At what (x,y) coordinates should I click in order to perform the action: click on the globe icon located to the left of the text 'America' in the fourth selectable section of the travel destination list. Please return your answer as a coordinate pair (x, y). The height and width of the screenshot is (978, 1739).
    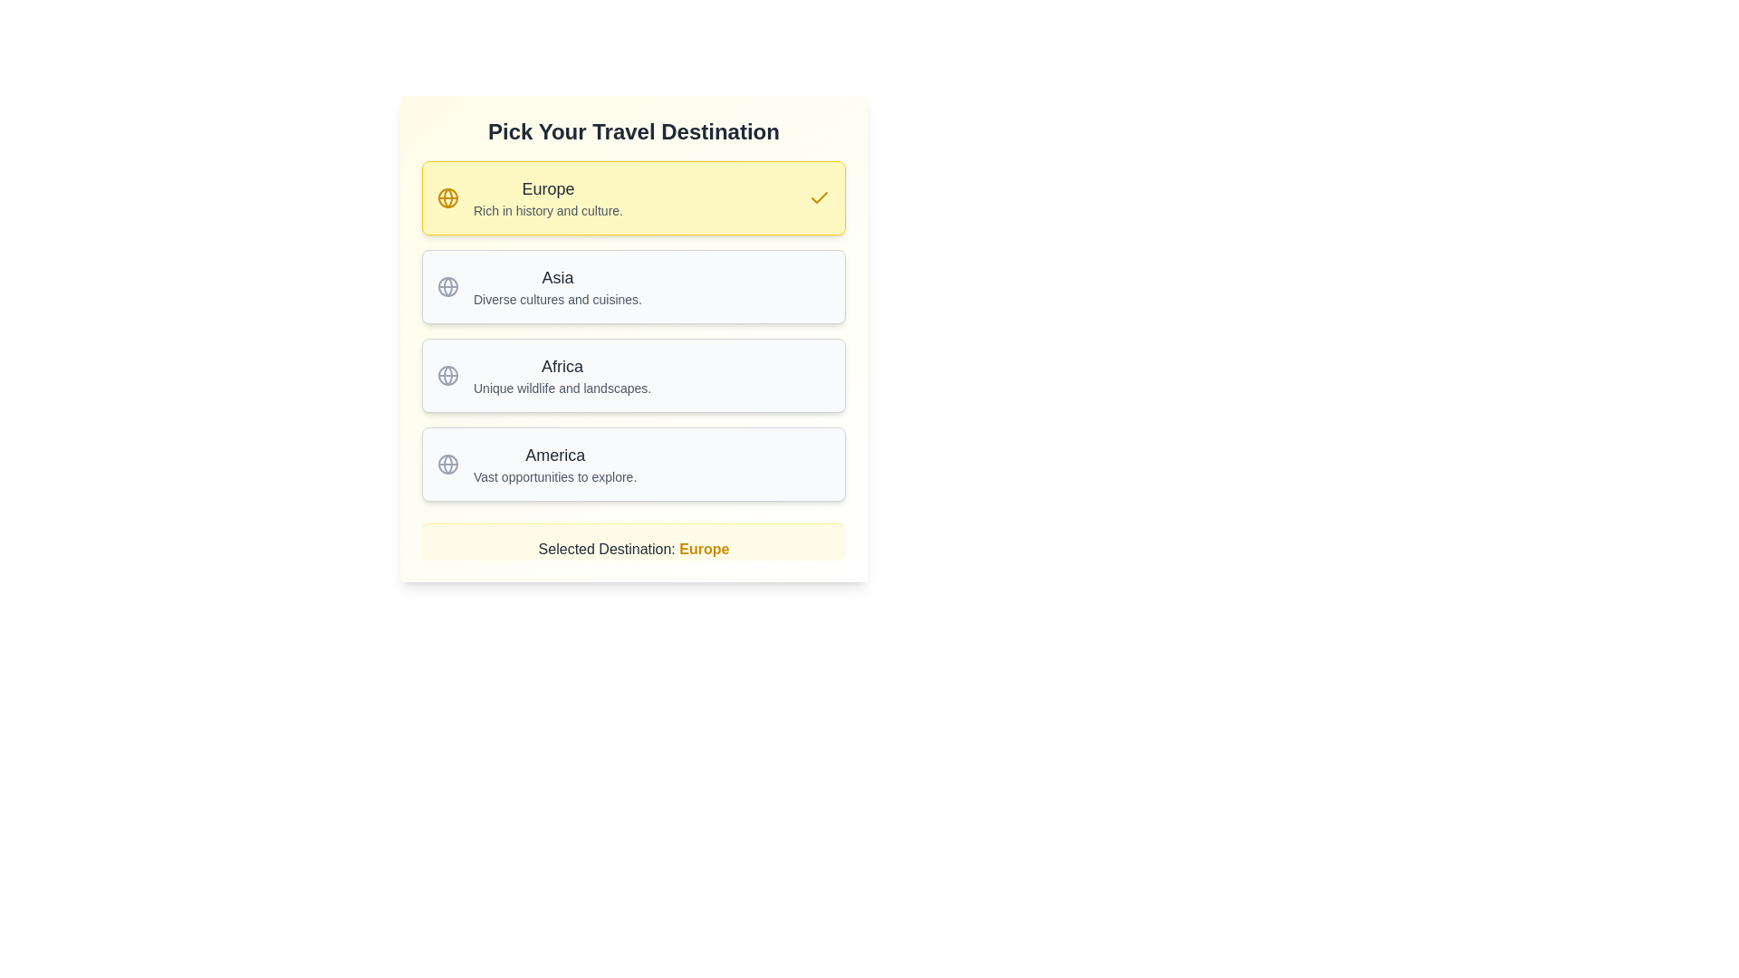
    Looking at the image, I should click on (447, 464).